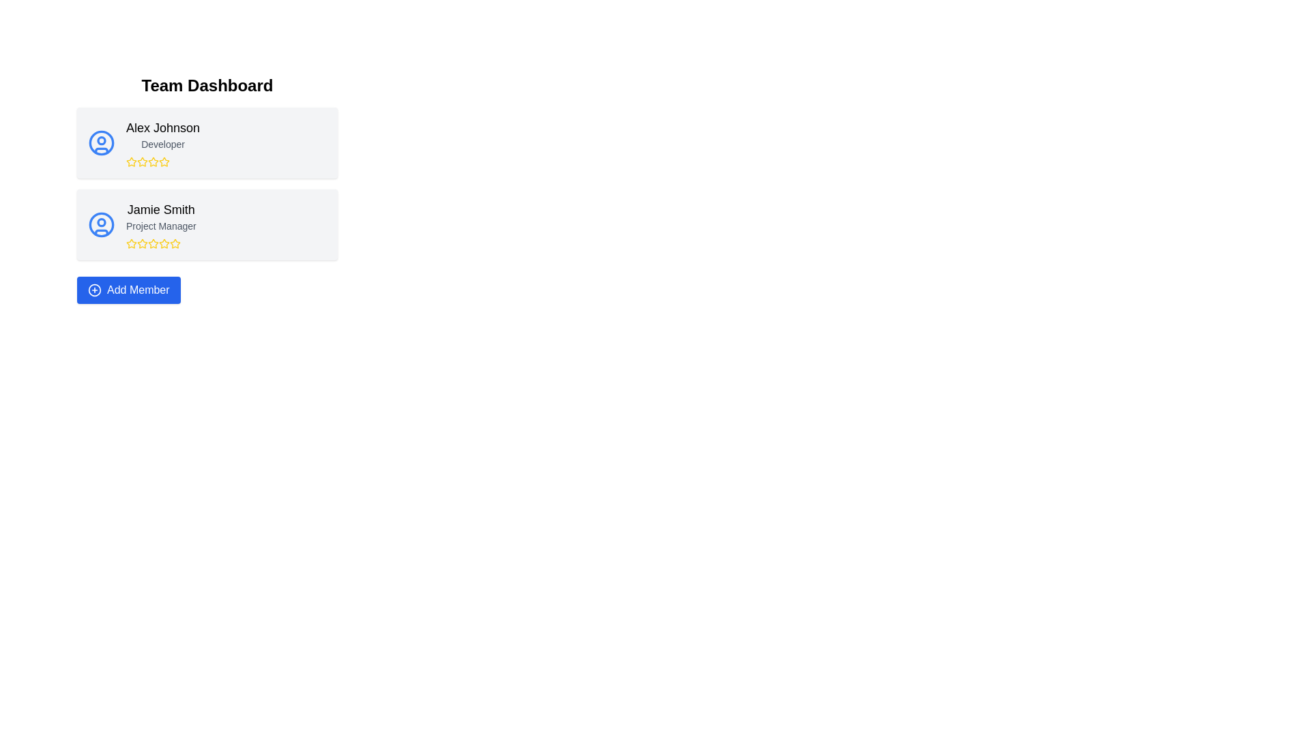 The height and width of the screenshot is (736, 1310). Describe the element at coordinates (161, 225) in the screenshot. I see `the text label that reads 'Project Manager,' which is positioned directly below 'Jamie Smith' in the second row of the team list` at that location.